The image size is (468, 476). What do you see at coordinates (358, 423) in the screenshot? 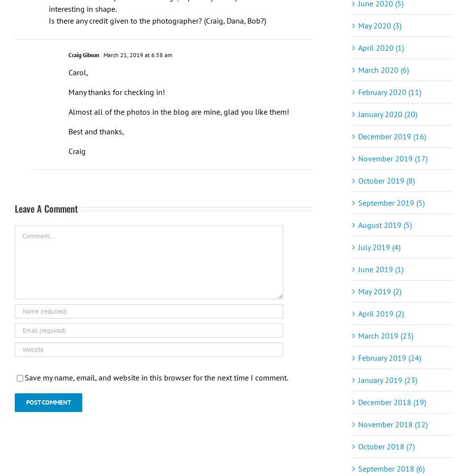
I see `'November 2018 (12)'` at bounding box center [358, 423].